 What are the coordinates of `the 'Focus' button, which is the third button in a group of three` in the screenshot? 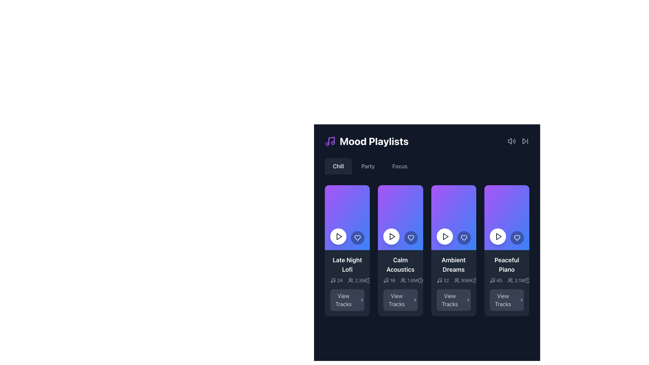 It's located at (400, 166).